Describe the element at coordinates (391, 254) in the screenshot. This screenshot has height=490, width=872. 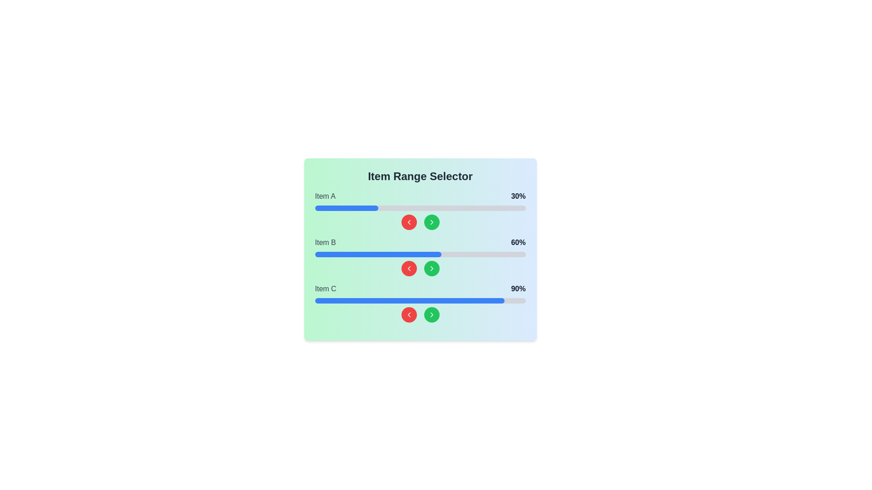
I see `the slider` at that location.